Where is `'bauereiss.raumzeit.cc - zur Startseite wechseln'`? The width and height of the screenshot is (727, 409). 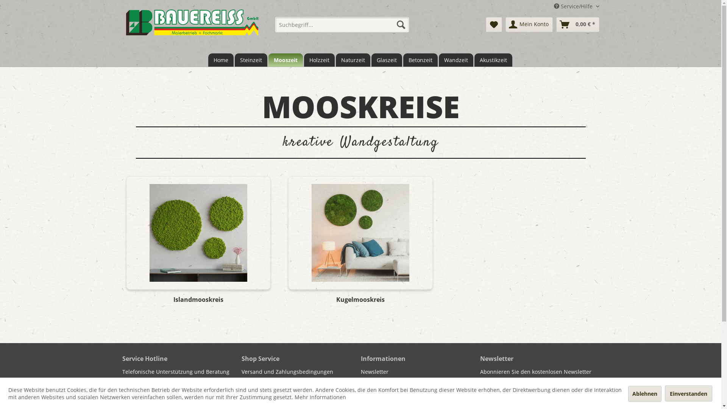
'bauereiss.raumzeit.cc - zur Startseite wechseln' is located at coordinates (192, 27).